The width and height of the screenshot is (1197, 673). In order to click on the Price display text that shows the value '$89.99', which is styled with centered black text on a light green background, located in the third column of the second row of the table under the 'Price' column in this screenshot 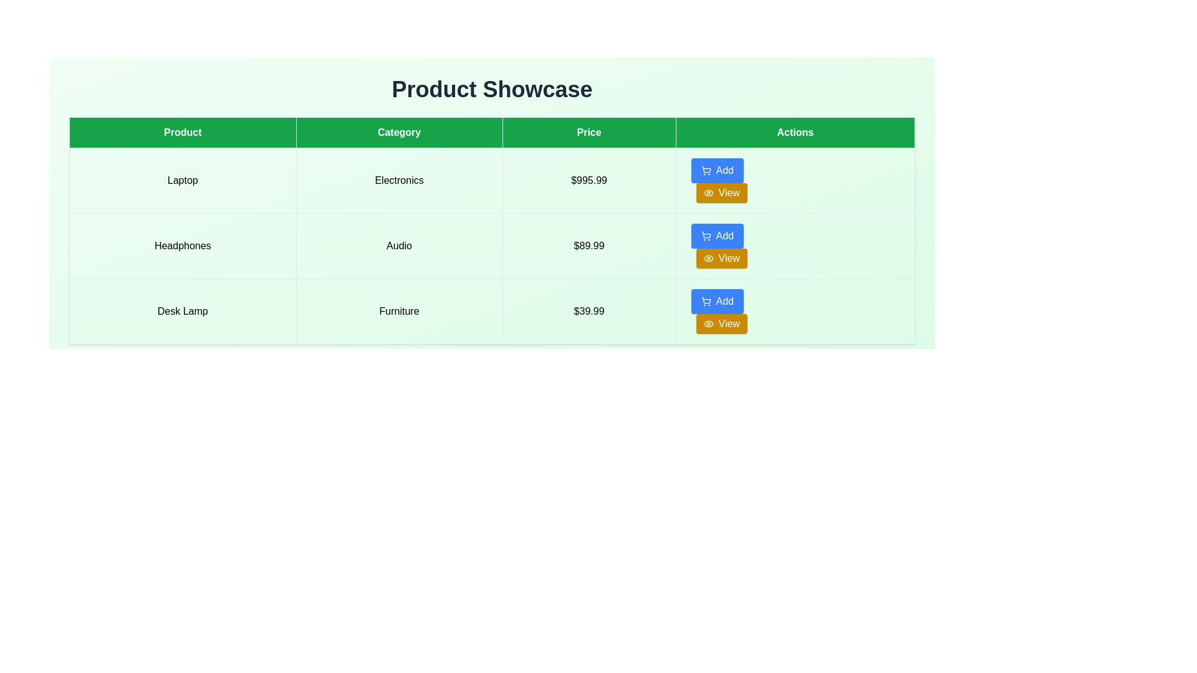, I will do `click(589, 246)`.